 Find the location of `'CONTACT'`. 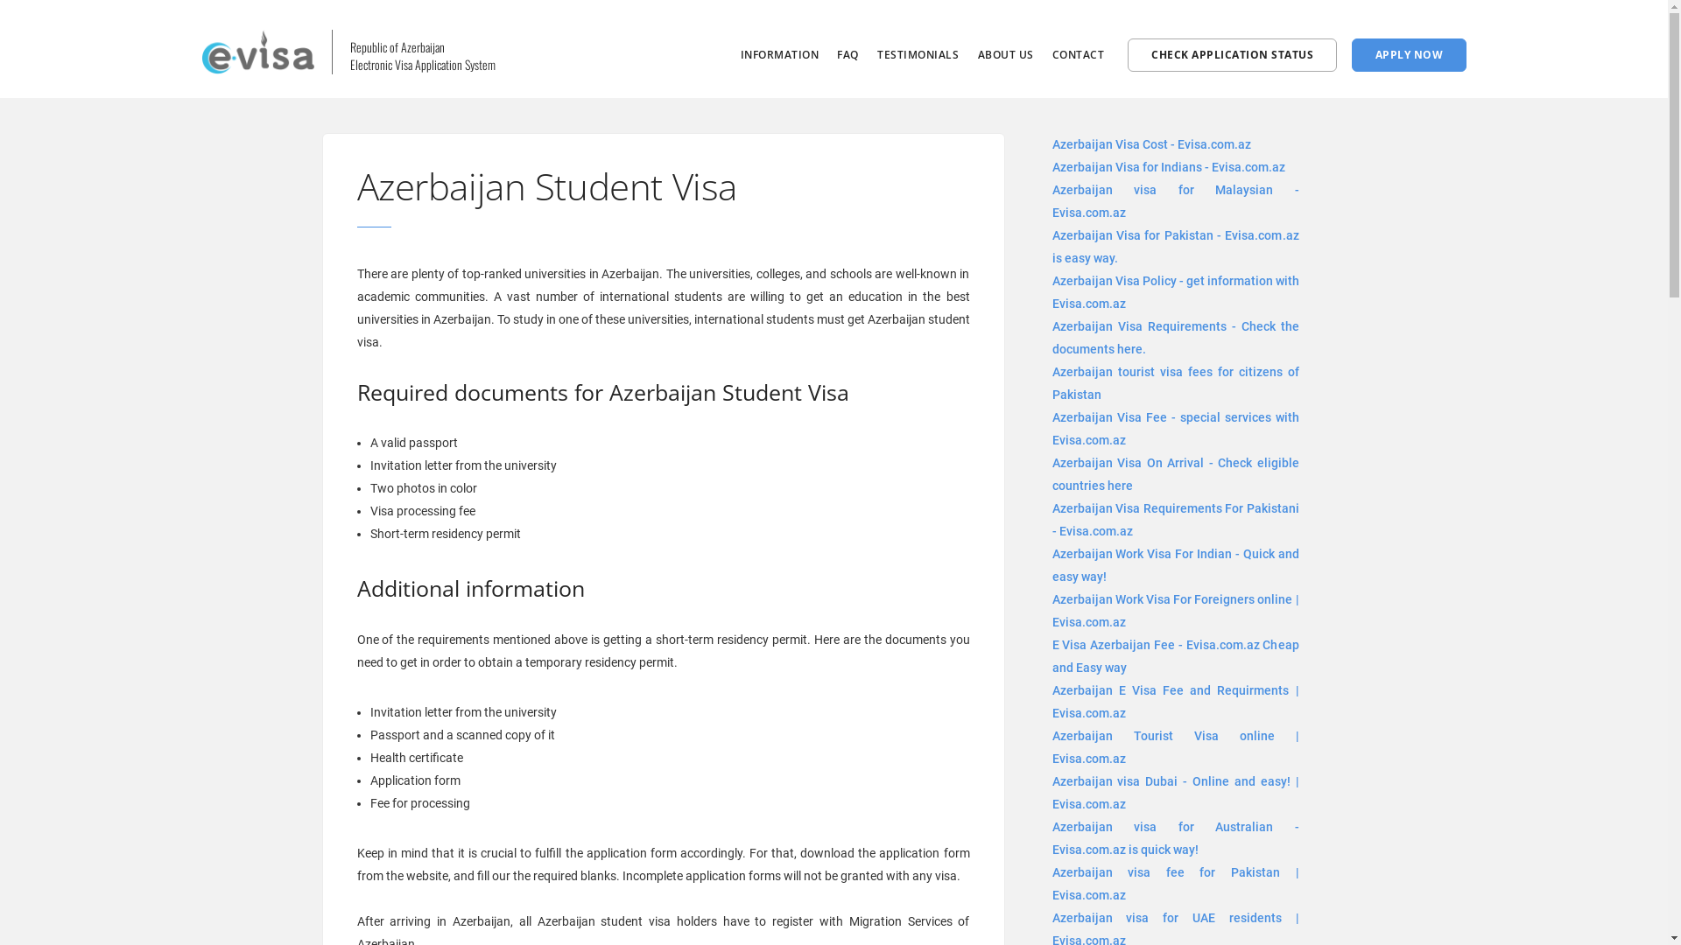

'CONTACT' is located at coordinates (1051, 53).